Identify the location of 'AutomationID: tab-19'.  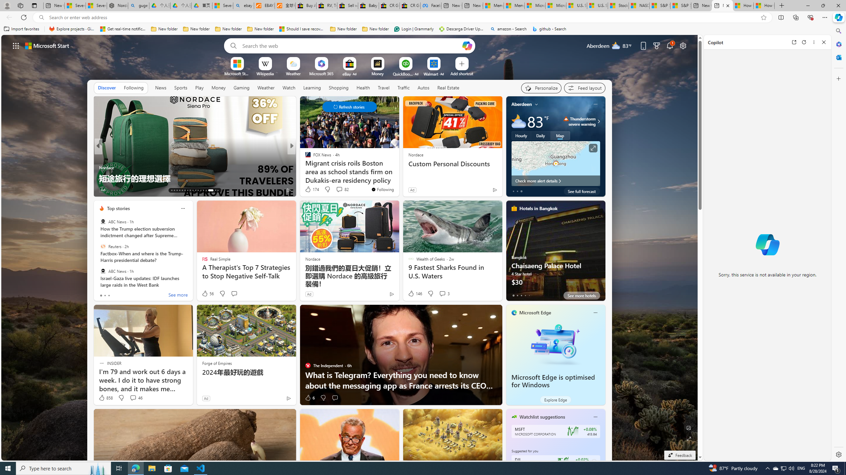
(187, 190).